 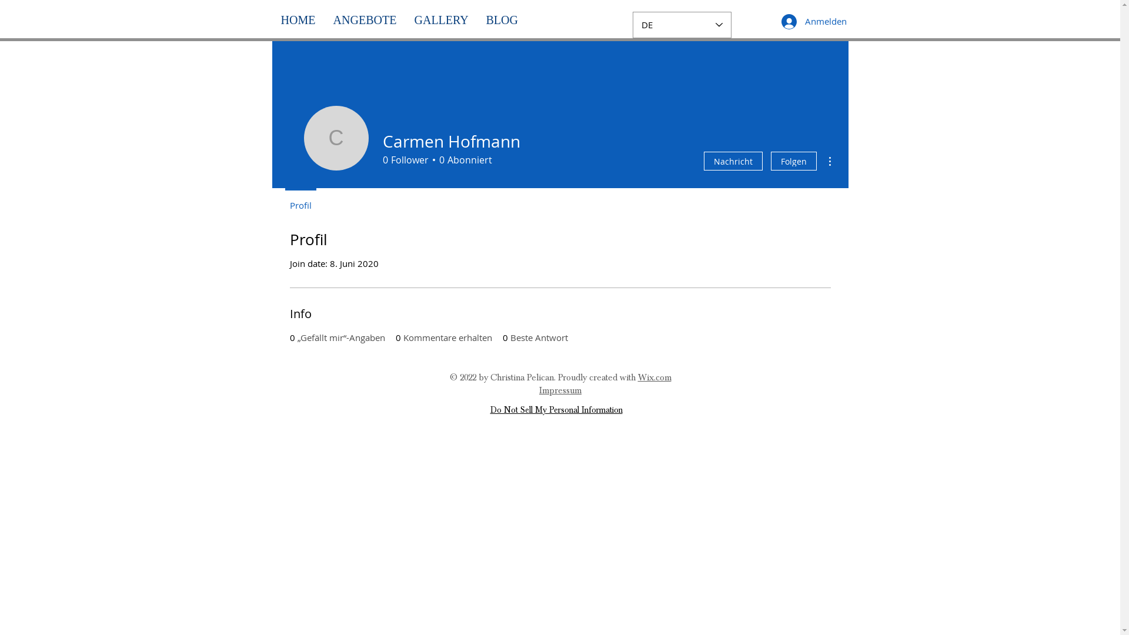 What do you see at coordinates (653, 377) in the screenshot?
I see `'Wix.com'` at bounding box center [653, 377].